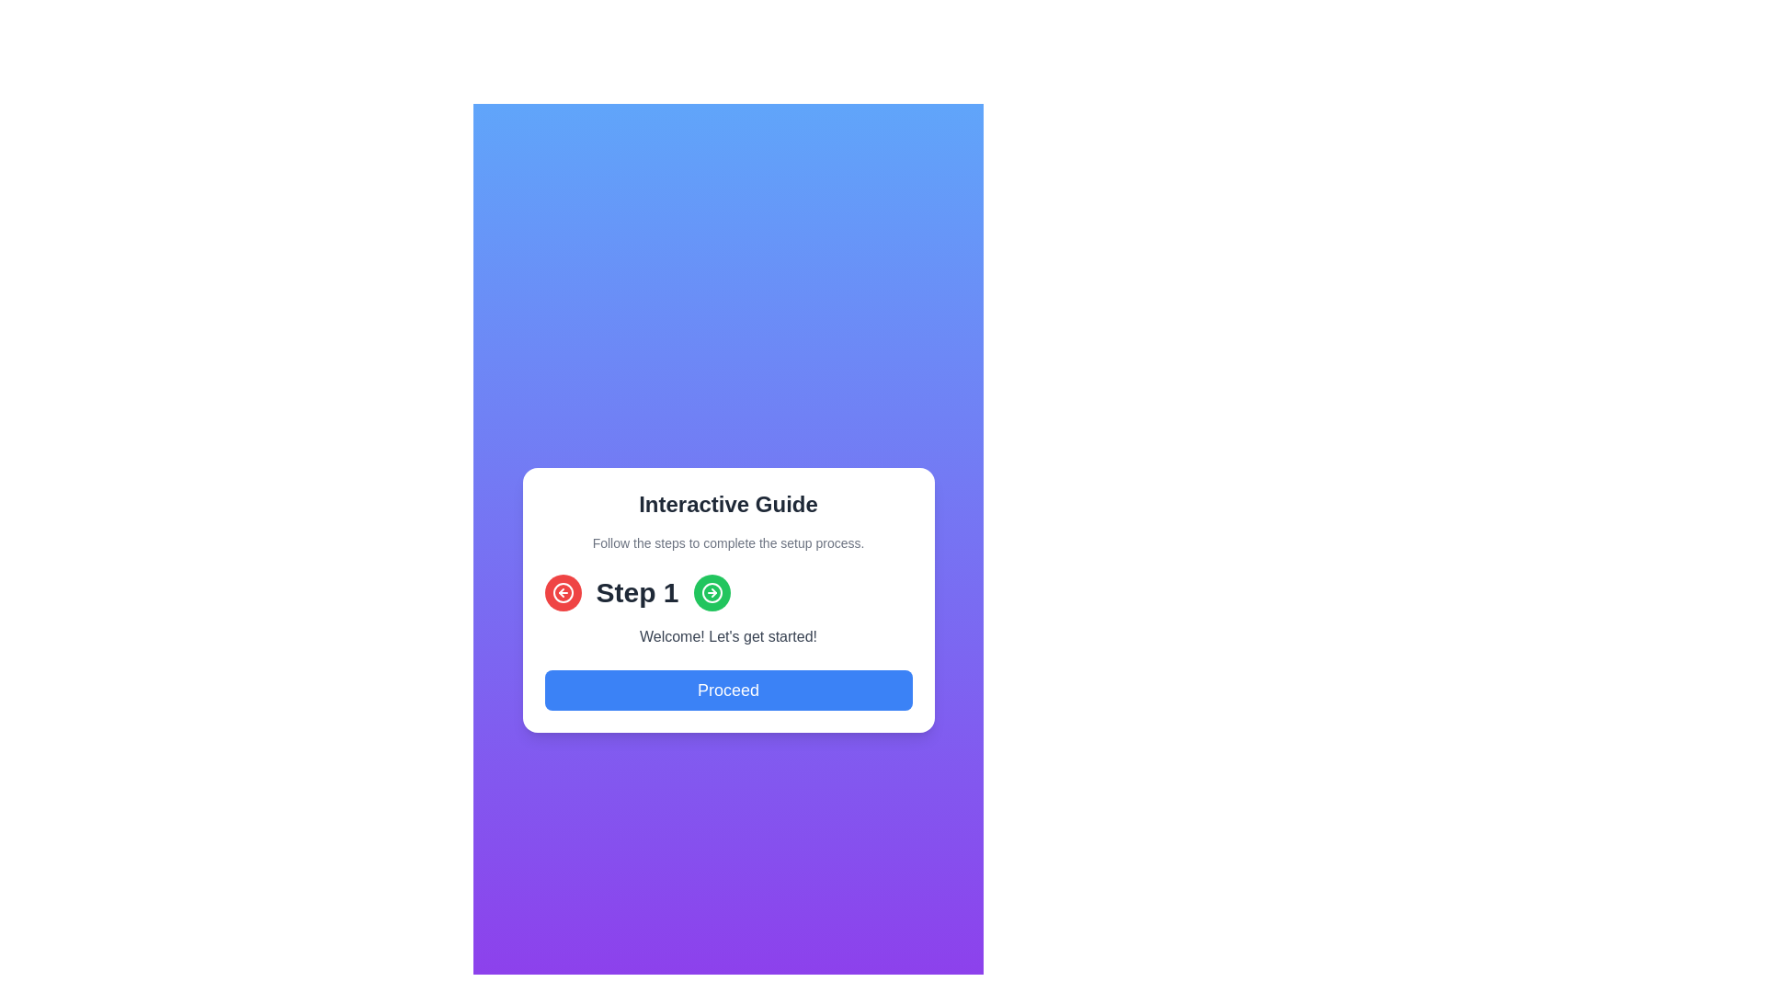 The width and height of the screenshot is (1765, 993). Describe the element at coordinates (711, 592) in the screenshot. I see `the circular icon with a green background and a white border, which contains a right-pointing arrow` at that location.